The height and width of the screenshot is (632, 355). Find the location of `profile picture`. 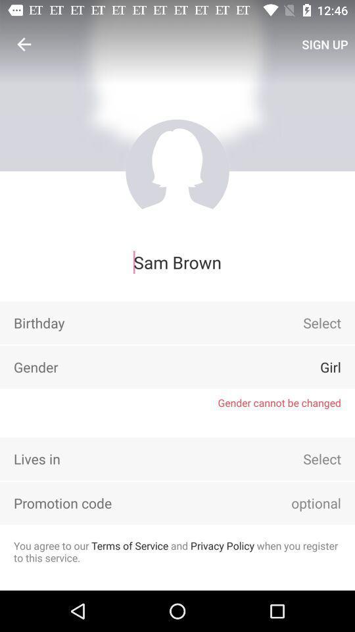

profile picture is located at coordinates (177, 171).